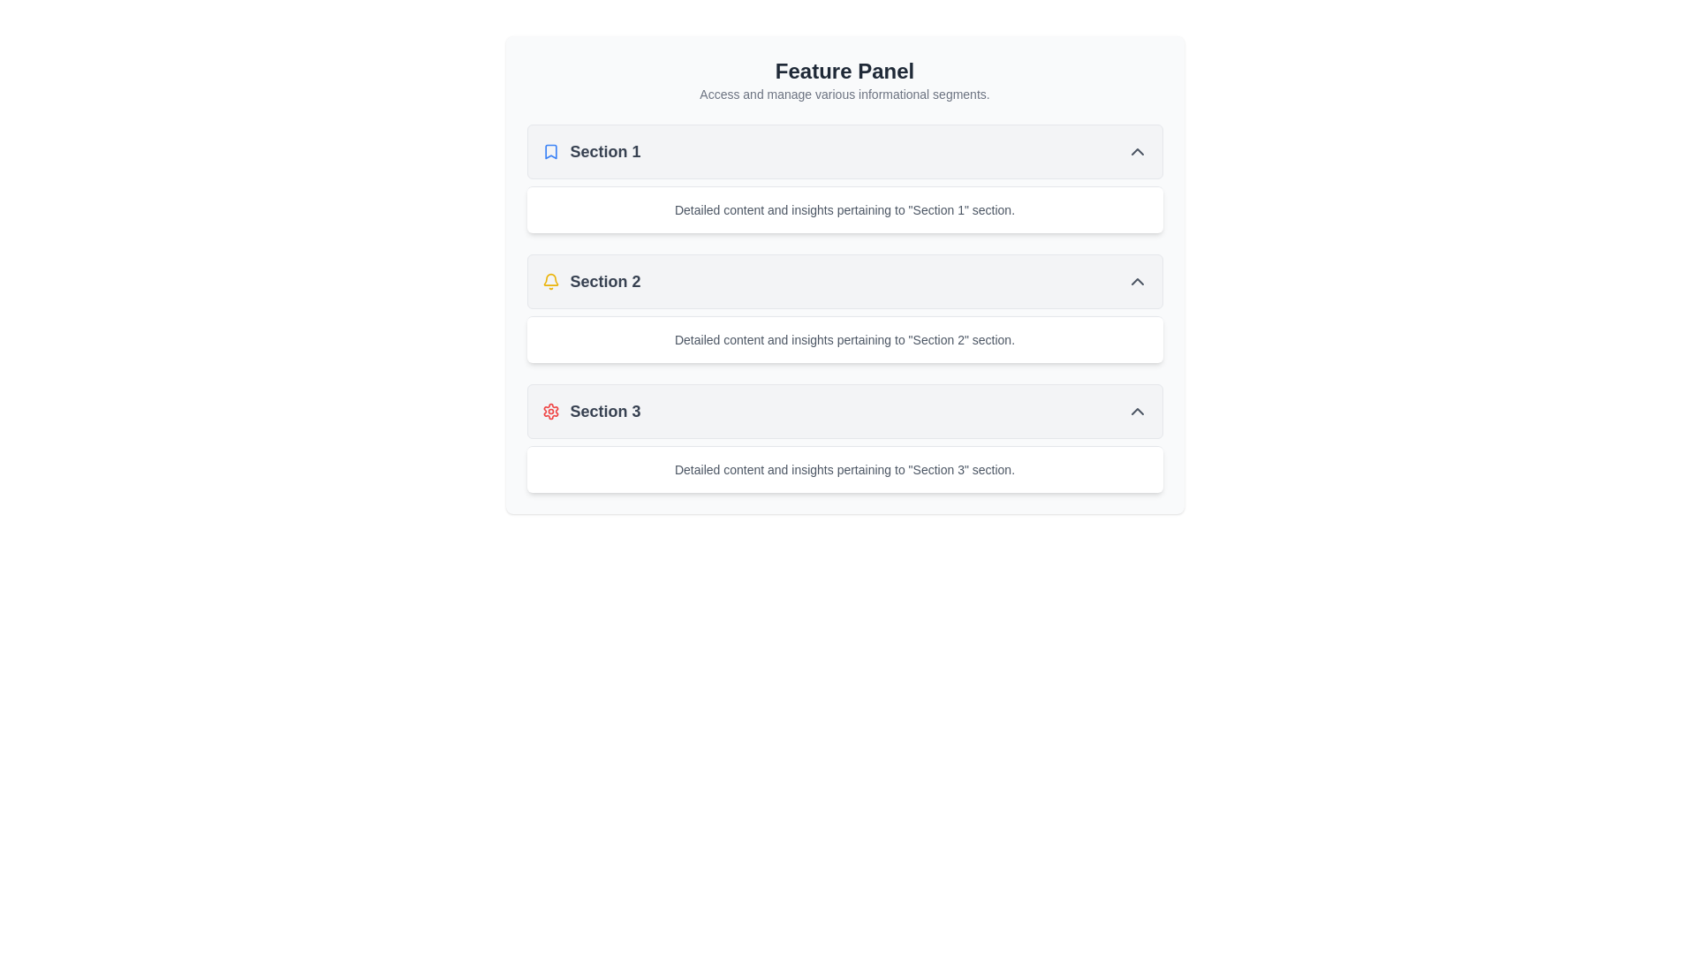  I want to click on the Text label located in the third row of the section list, to the right of the red settings icon, to associate it with the adjacent settings icon, so click(605, 412).